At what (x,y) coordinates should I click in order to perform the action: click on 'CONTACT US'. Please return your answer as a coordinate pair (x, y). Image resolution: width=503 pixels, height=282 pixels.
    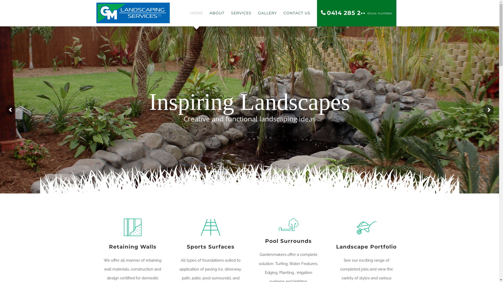
    Looking at the image, I should click on (297, 13).